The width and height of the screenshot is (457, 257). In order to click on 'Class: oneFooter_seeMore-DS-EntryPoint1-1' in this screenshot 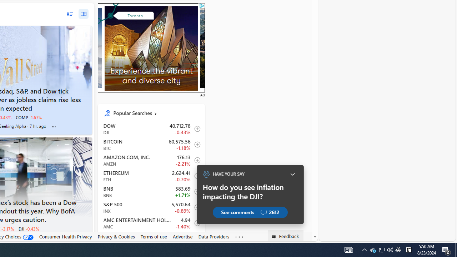, I will do `click(239, 237)`.